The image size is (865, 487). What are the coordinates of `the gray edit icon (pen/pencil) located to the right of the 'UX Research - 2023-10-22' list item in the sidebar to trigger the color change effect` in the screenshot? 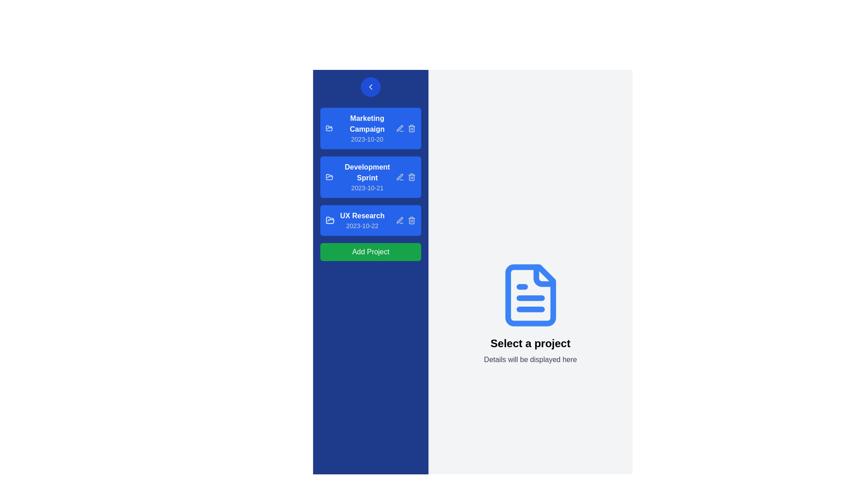 It's located at (400, 221).